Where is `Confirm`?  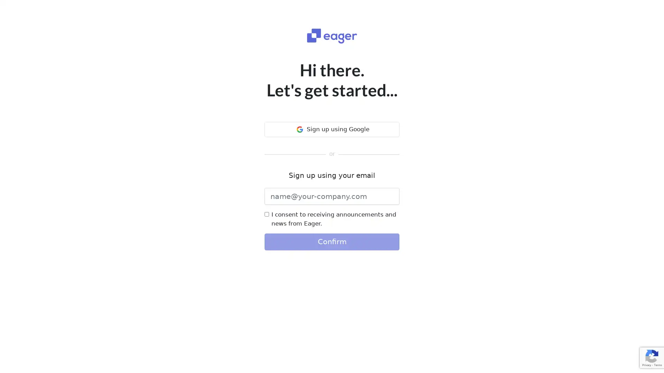 Confirm is located at coordinates (332, 241).